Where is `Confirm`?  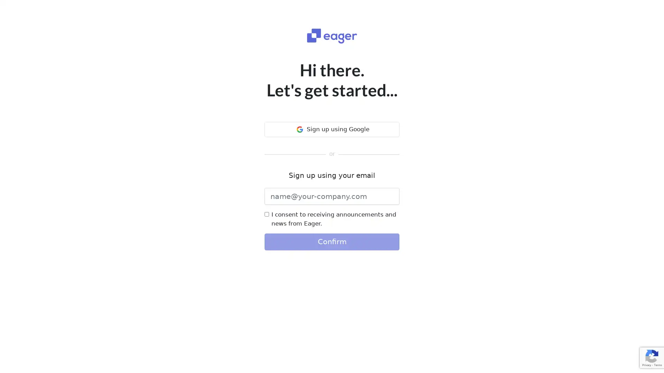 Confirm is located at coordinates (332, 241).